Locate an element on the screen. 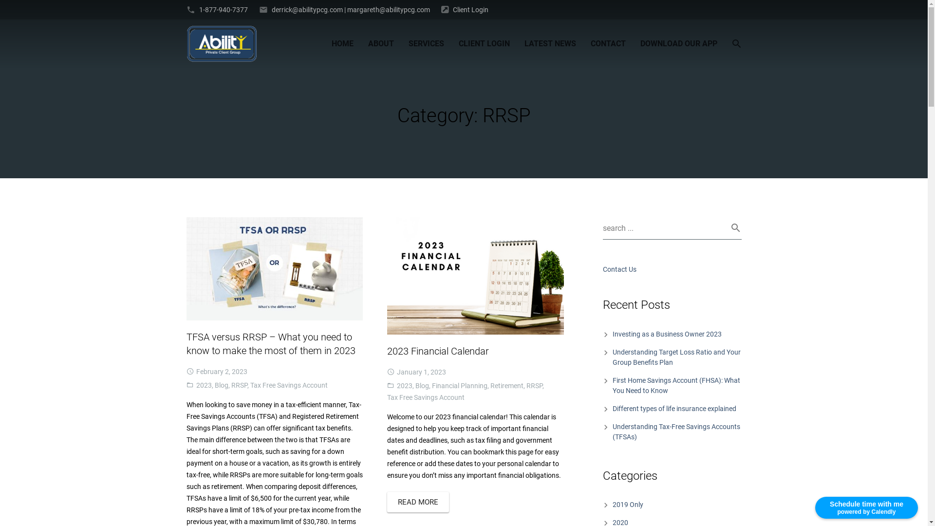  'derrick@abilitypcg.com' is located at coordinates (306, 9).